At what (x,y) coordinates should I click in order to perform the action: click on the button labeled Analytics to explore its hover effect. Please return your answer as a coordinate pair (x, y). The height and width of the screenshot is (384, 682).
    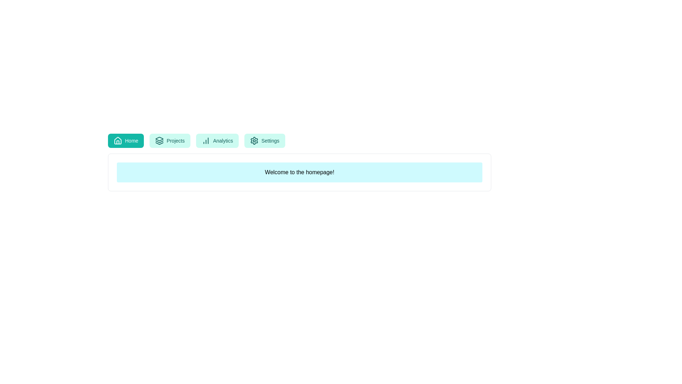
    Looking at the image, I should click on (217, 141).